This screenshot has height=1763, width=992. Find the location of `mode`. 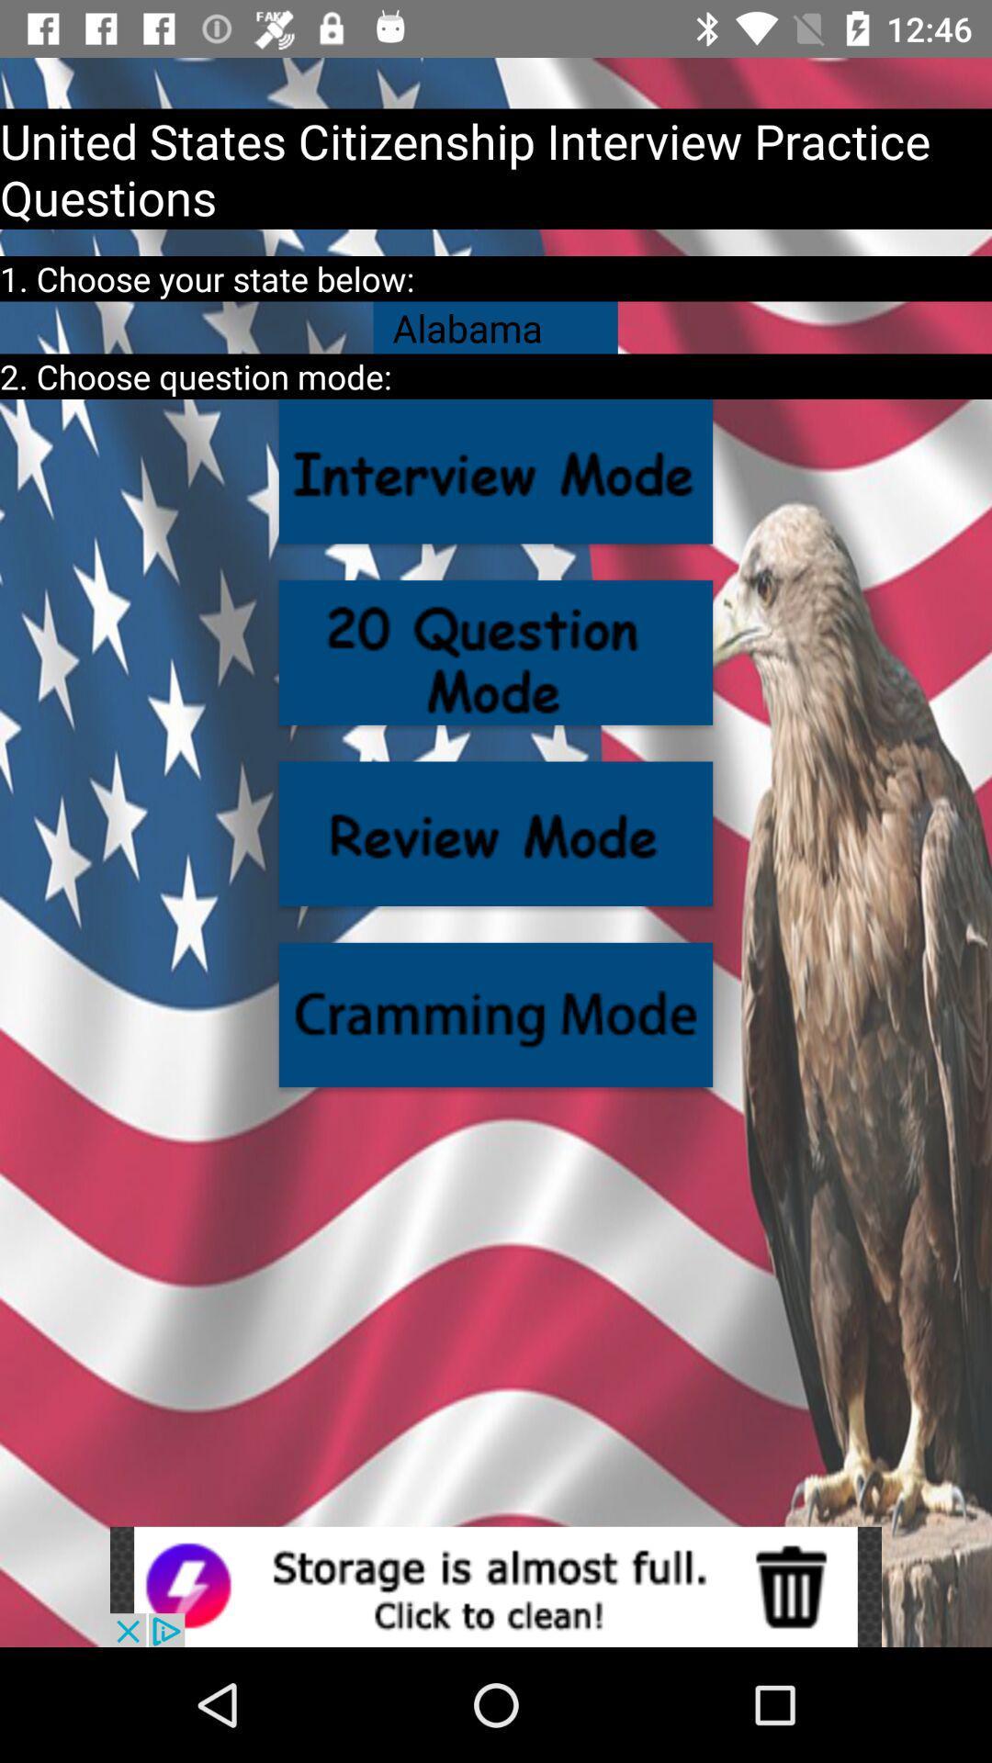

mode is located at coordinates (496, 471).